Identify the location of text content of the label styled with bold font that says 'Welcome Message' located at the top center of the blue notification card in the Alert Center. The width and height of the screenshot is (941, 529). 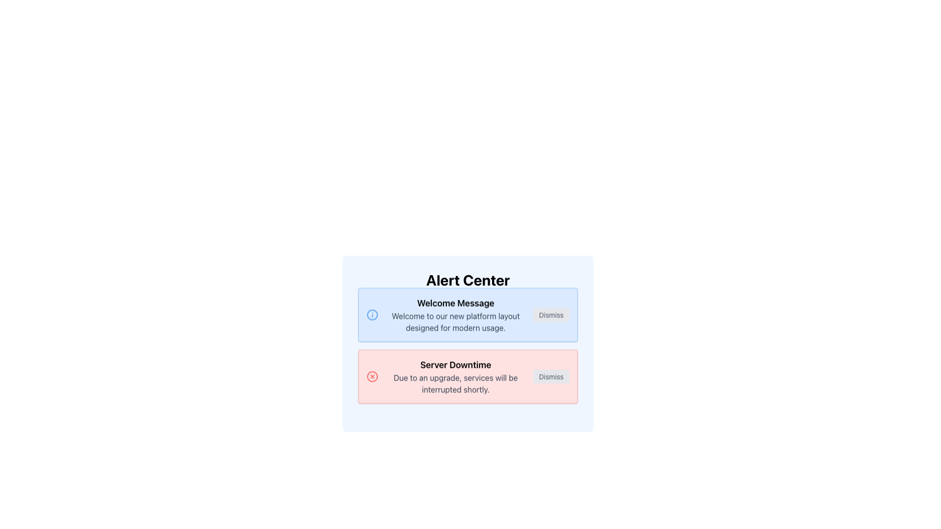
(455, 312).